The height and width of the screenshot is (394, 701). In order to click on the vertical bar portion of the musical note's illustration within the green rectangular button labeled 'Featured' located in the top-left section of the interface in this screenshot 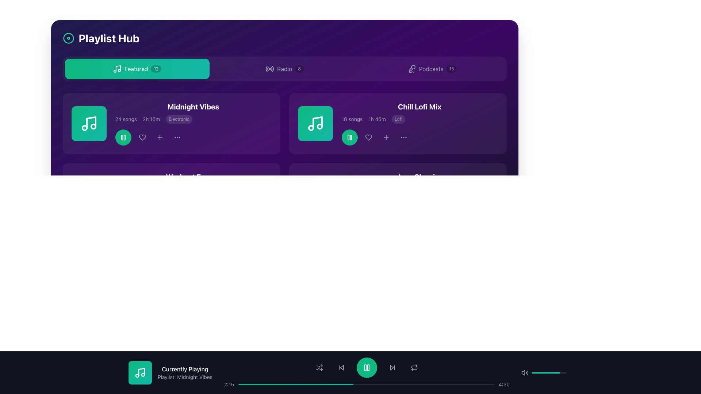, I will do `click(118, 68)`.